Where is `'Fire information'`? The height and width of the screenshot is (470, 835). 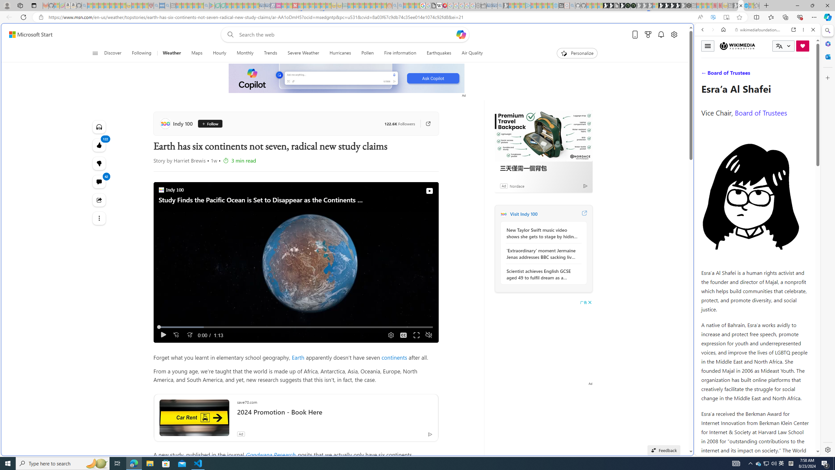
'Fire information' is located at coordinates (400, 53).